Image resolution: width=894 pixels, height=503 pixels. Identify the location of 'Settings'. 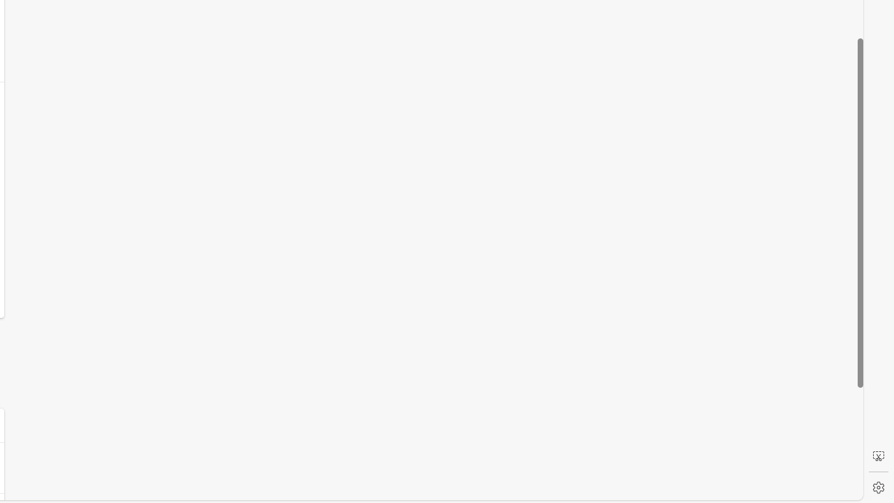
(877, 486).